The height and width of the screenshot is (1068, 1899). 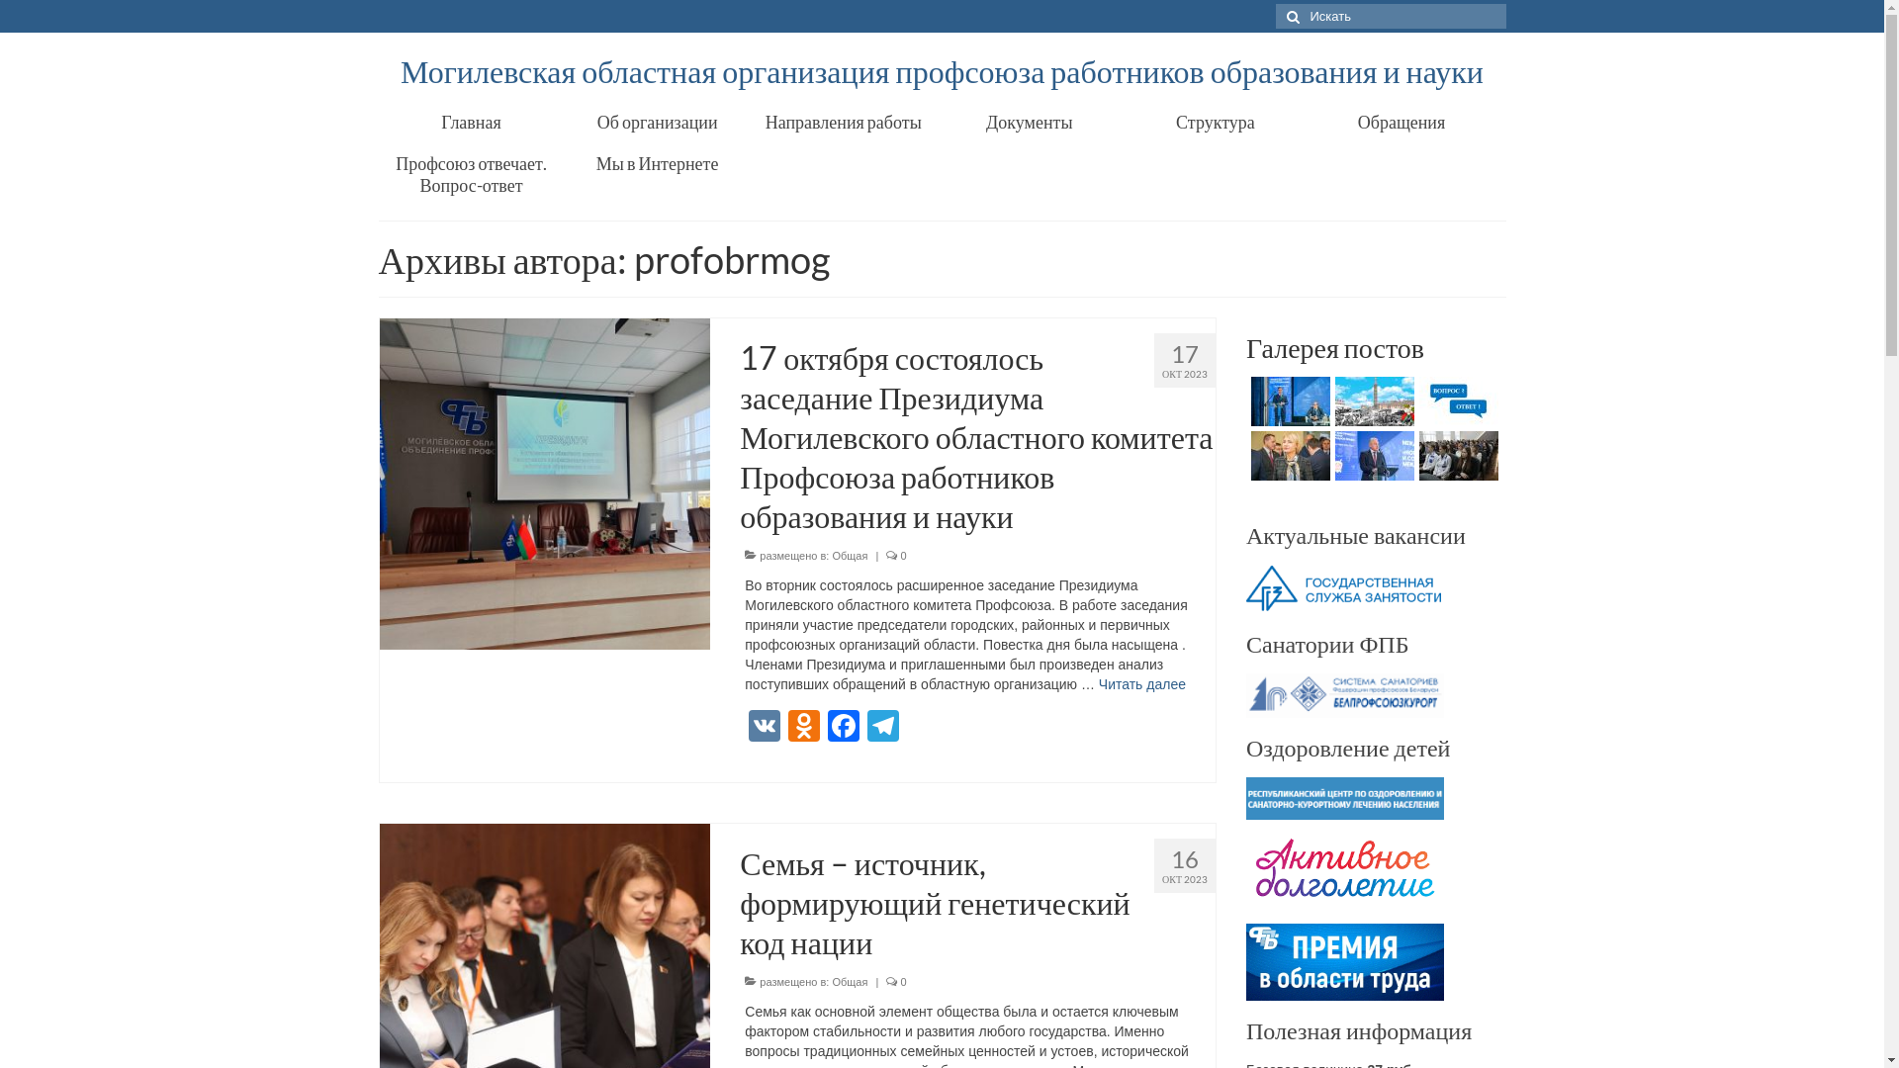 I want to click on 'Telegram', so click(x=881, y=728).